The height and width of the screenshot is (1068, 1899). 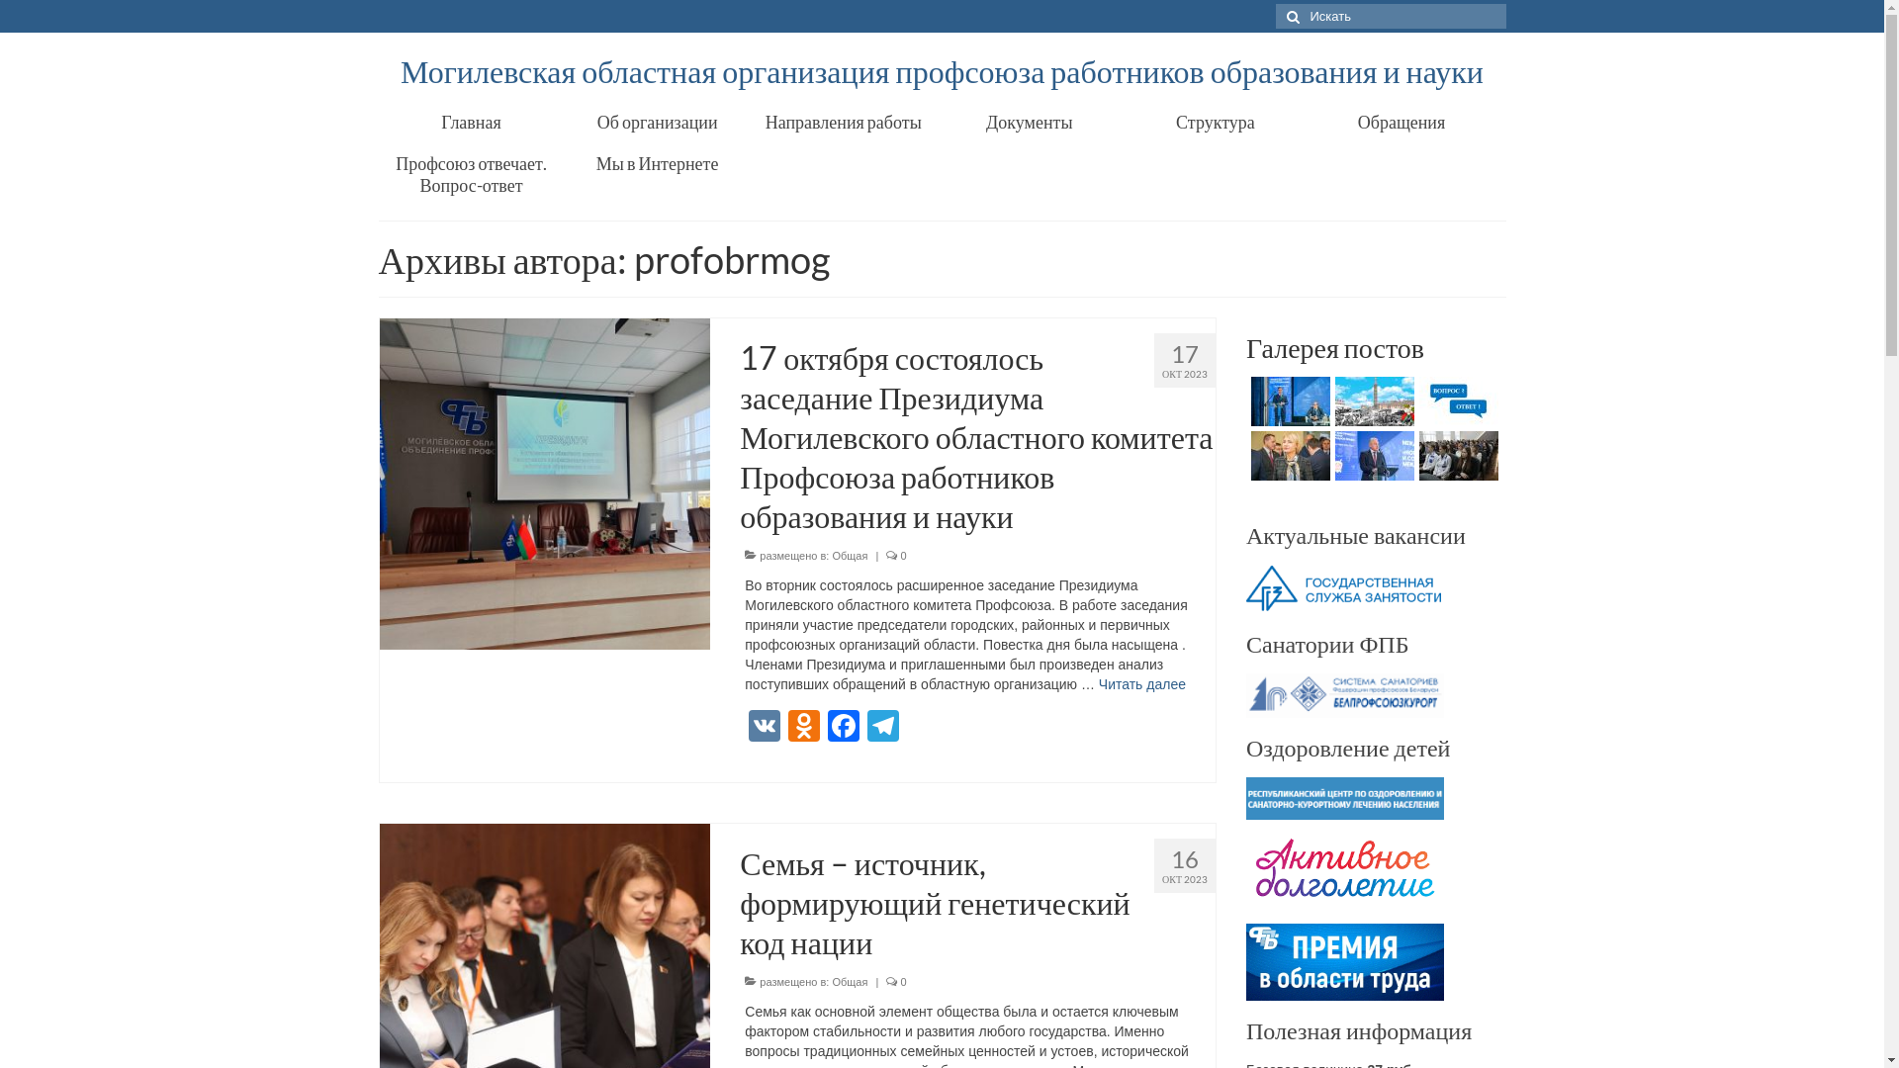 I want to click on 'Telegram', so click(x=881, y=728).